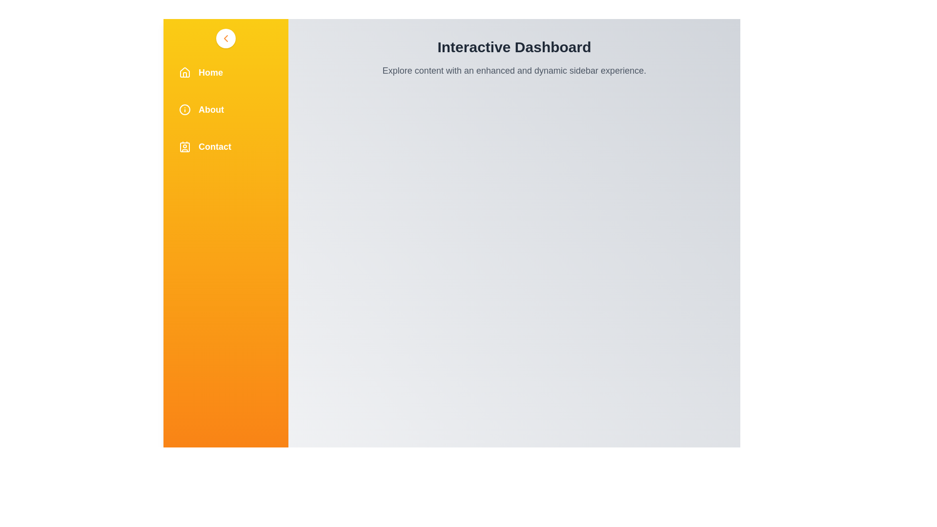 This screenshot has width=937, height=527. Describe the element at coordinates (225, 109) in the screenshot. I see `the 'About' menu item in the sidebar` at that location.